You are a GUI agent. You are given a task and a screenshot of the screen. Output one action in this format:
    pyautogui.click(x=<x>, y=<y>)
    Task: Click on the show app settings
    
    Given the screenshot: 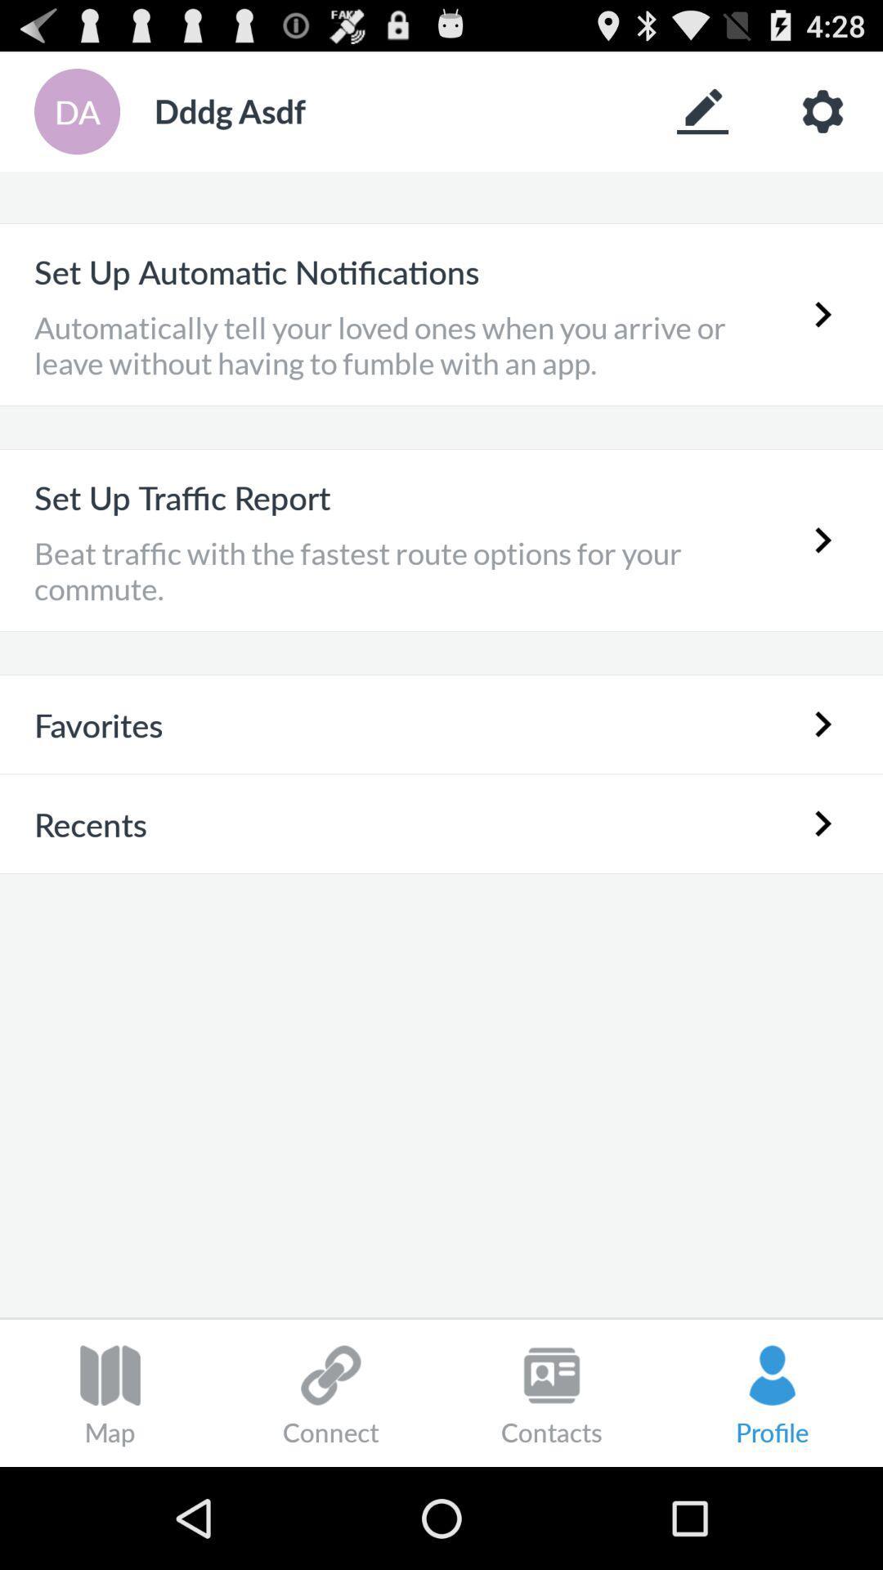 What is the action you would take?
    pyautogui.click(x=822, y=110)
    